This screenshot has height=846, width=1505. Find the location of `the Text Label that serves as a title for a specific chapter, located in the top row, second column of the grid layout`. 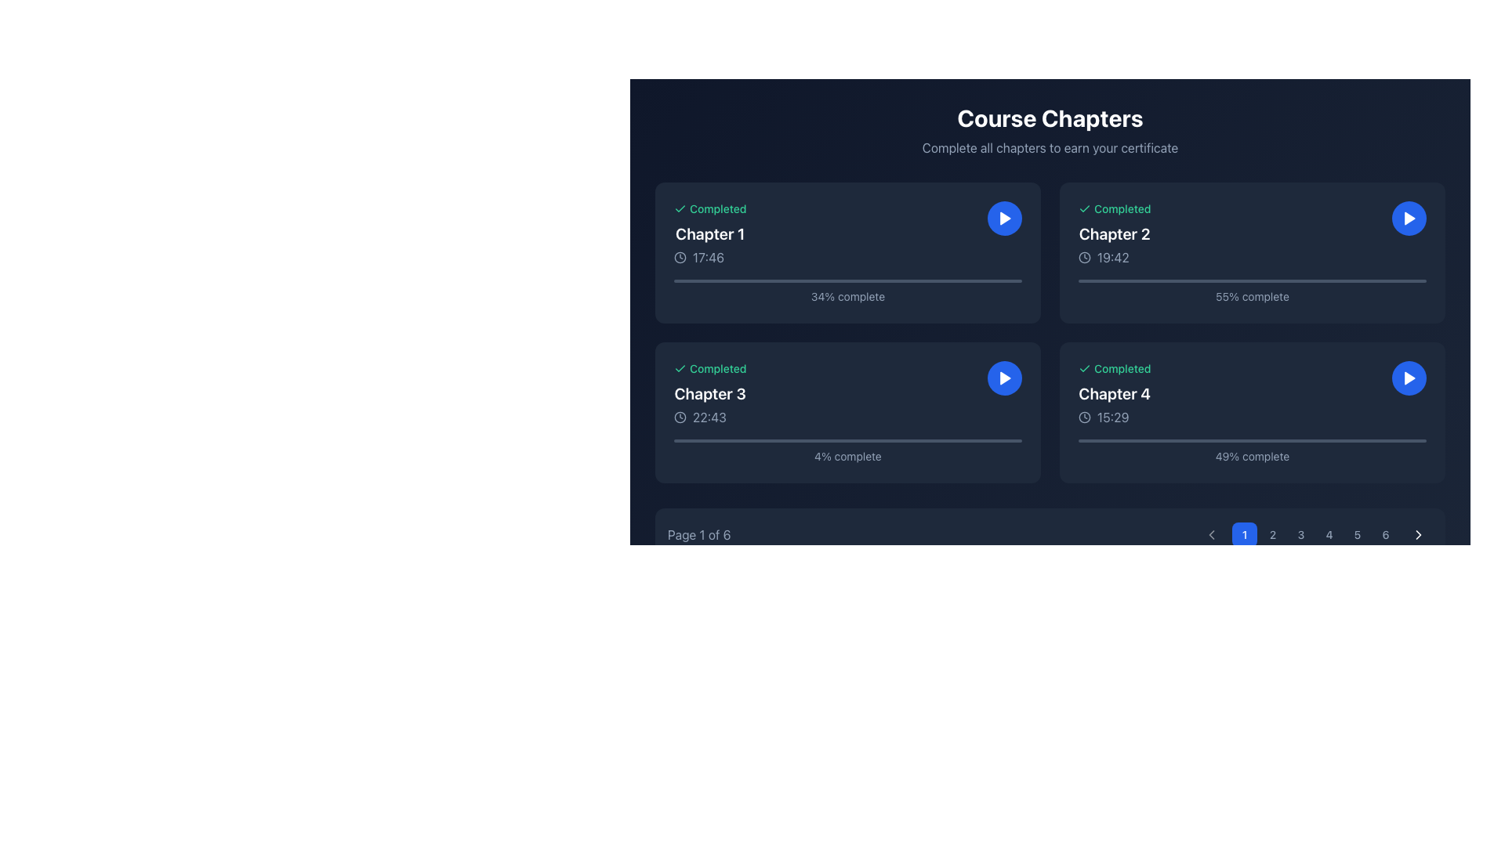

the Text Label that serves as a title for a specific chapter, located in the top row, second column of the grid layout is located at coordinates (1114, 234).